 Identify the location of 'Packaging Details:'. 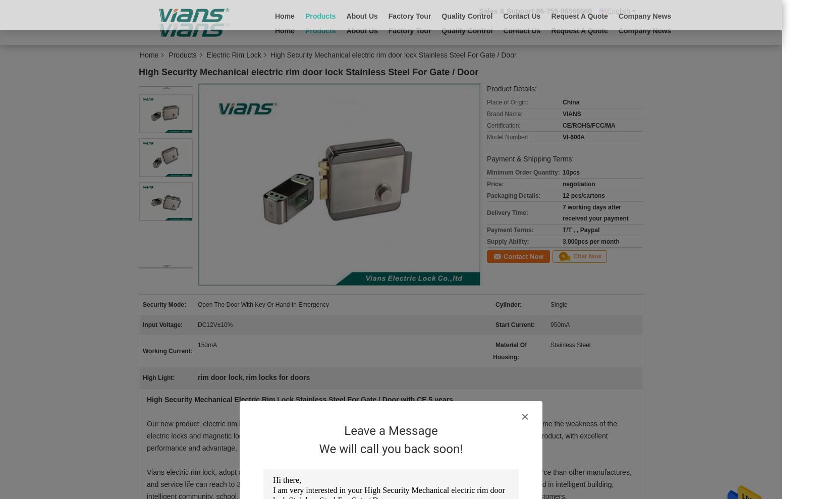
(513, 195).